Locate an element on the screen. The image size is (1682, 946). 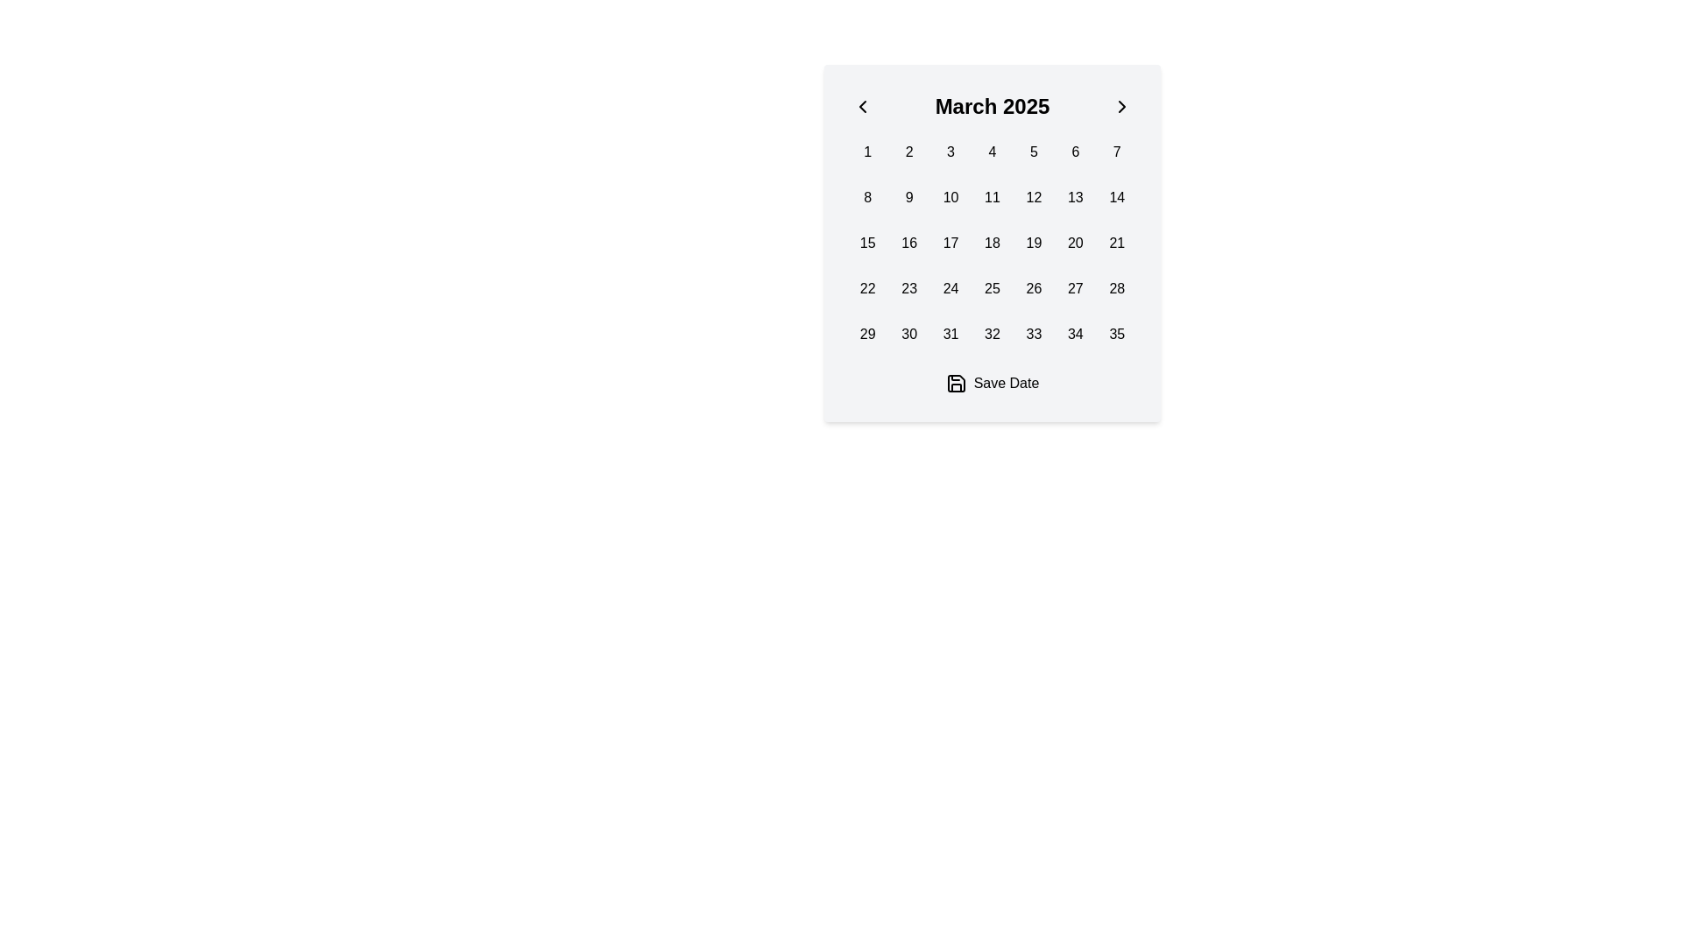
the rectangular button displaying the number '29', which is located in the 5th row and 1st column of the calendar grid is located at coordinates (867, 334).